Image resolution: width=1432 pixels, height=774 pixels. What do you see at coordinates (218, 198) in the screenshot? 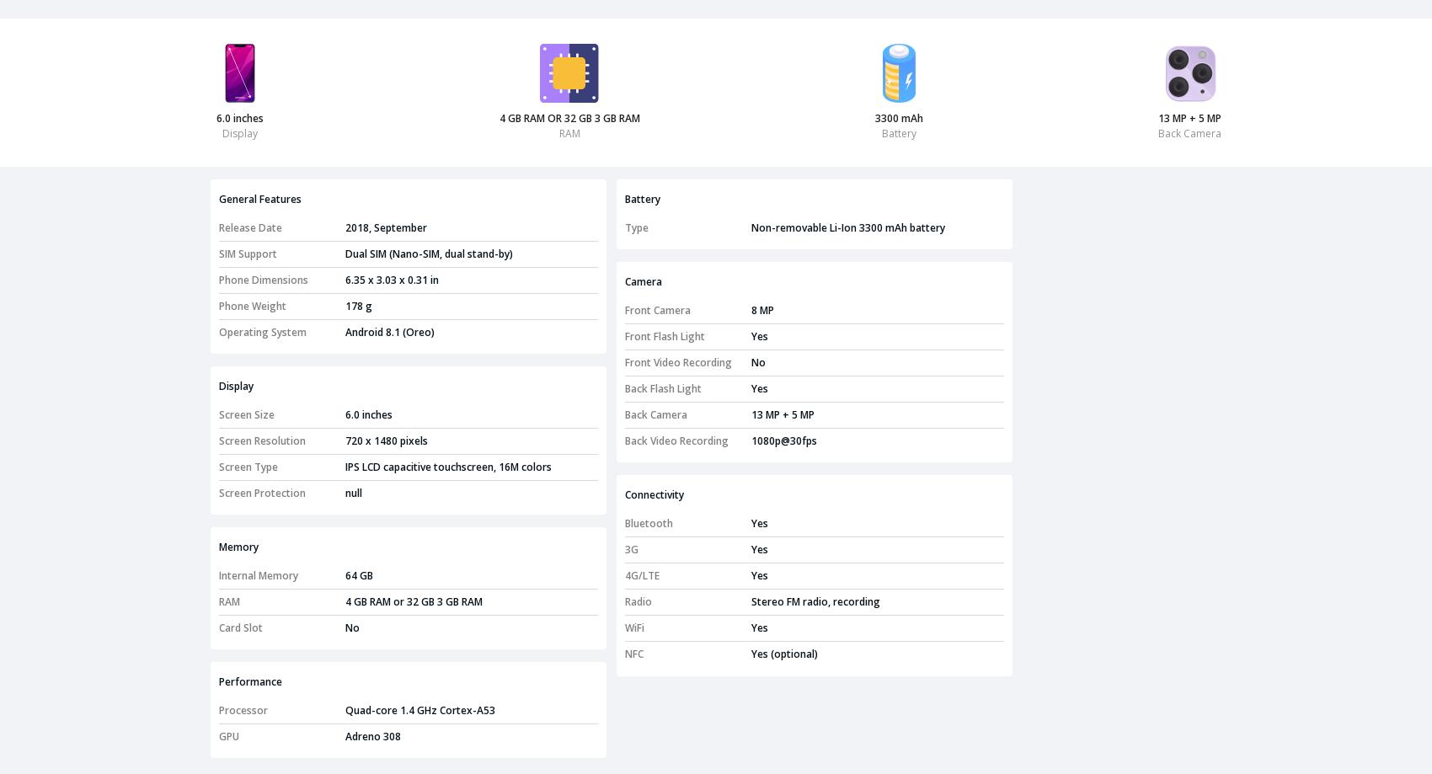
I see `'General Features'` at bounding box center [218, 198].